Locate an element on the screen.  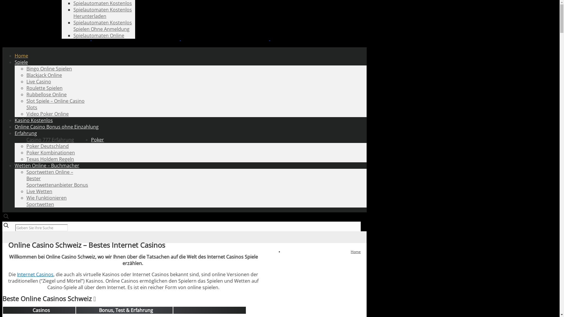
'Internet Casinos' is located at coordinates (35, 274).